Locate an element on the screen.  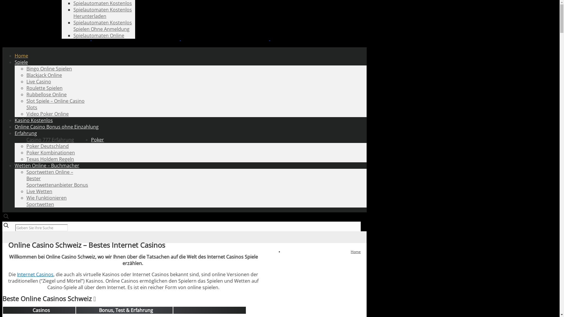
'Internet Casinos' is located at coordinates (35, 274).